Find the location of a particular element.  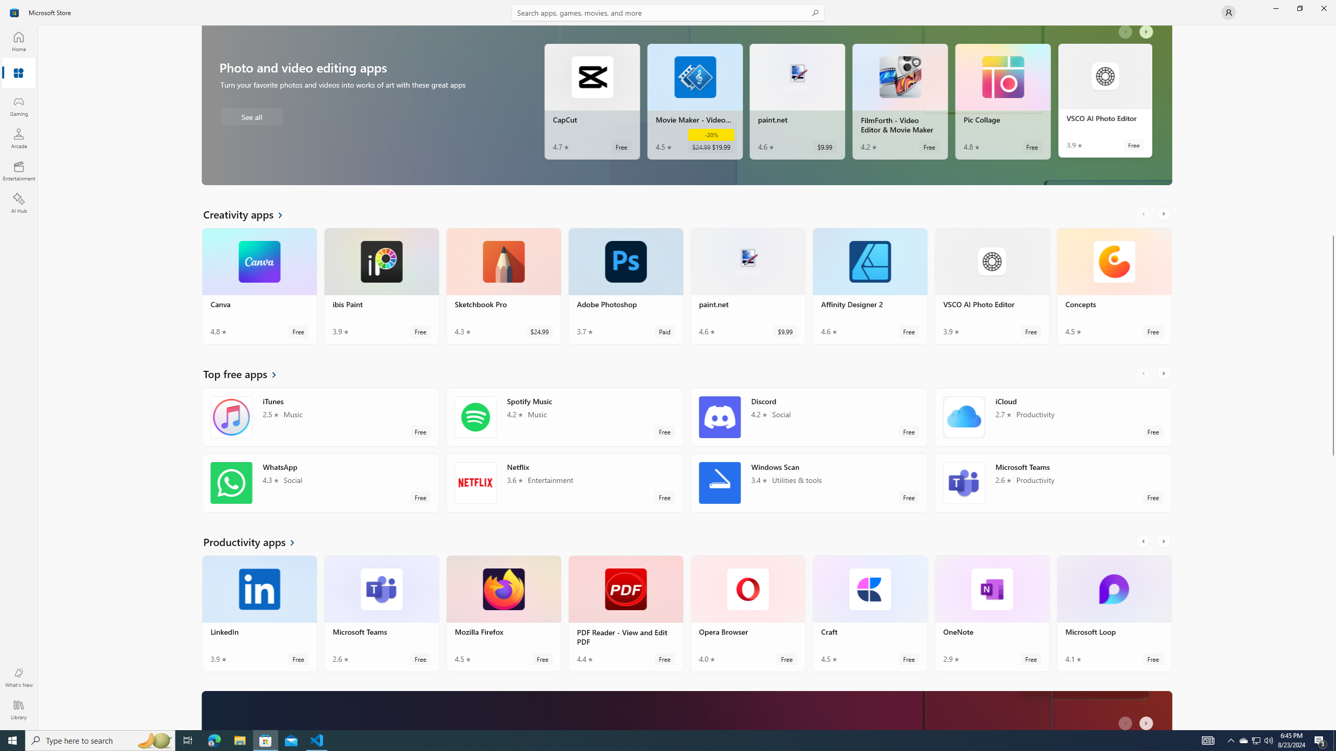

'Library' is located at coordinates (18, 709).